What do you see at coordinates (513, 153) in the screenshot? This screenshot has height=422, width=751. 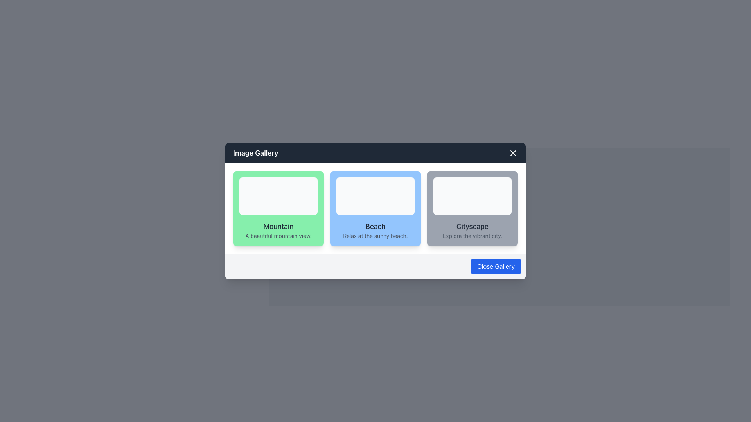 I see `the close button with an 'X' symbol located at the far-right side of the title bar in the modal window to change its color` at bounding box center [513, 153].